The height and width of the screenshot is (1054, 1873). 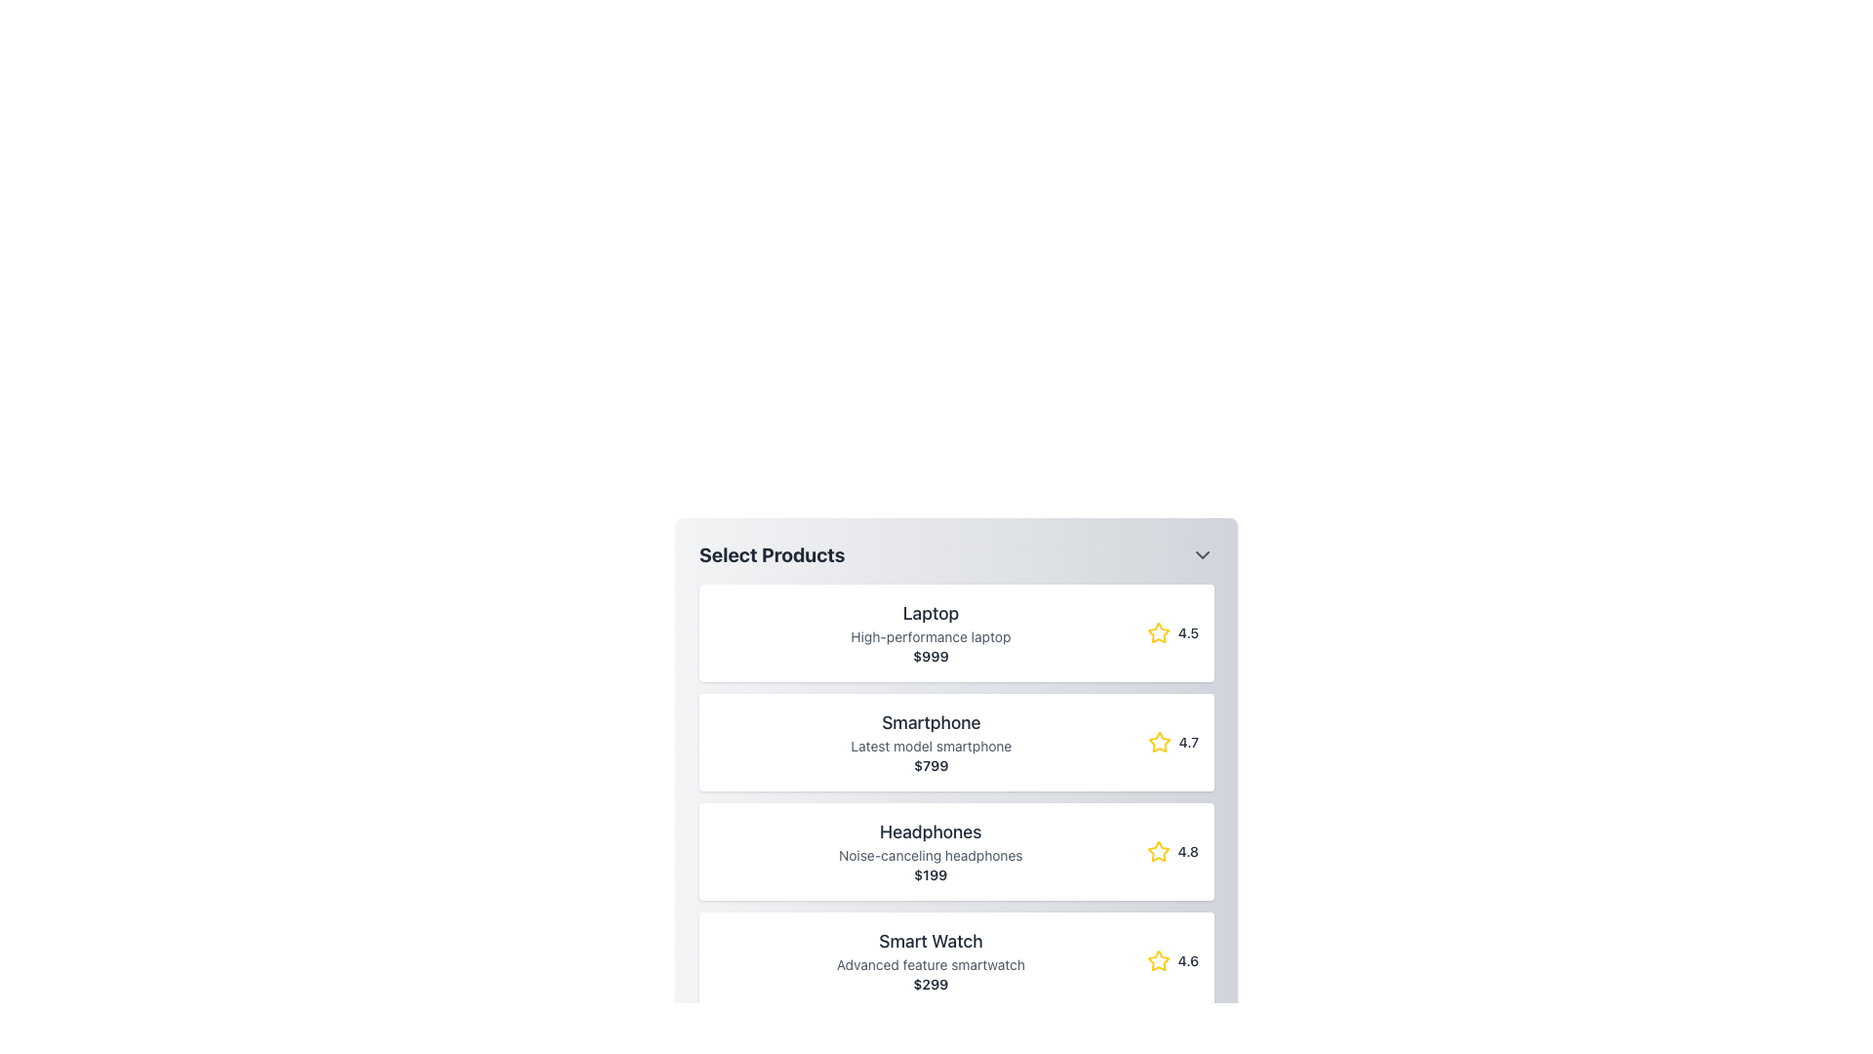 What do you see at coordinates (930, 874) in the screenshot?
I see `the price display element showing '$199' for the 'Headphones' product in the listing` at bounding box center [930, 874].